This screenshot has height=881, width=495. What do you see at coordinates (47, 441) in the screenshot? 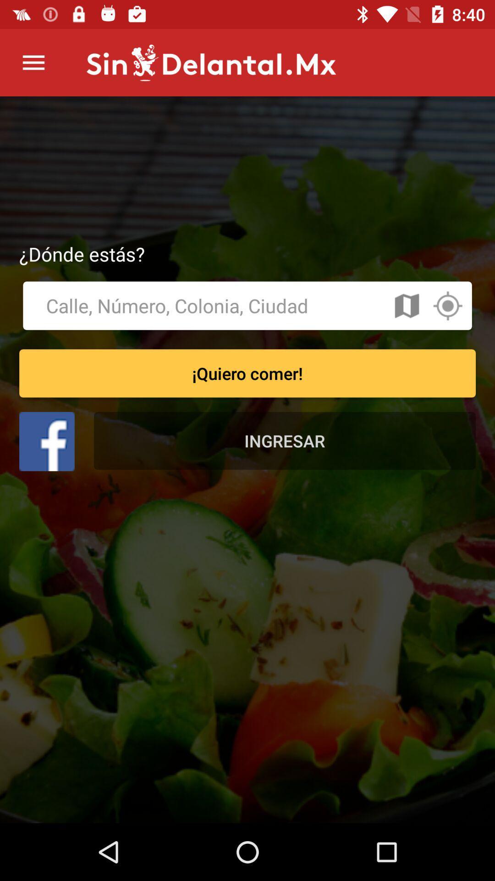
I see `facebook option` at bounding box center [47, 441].